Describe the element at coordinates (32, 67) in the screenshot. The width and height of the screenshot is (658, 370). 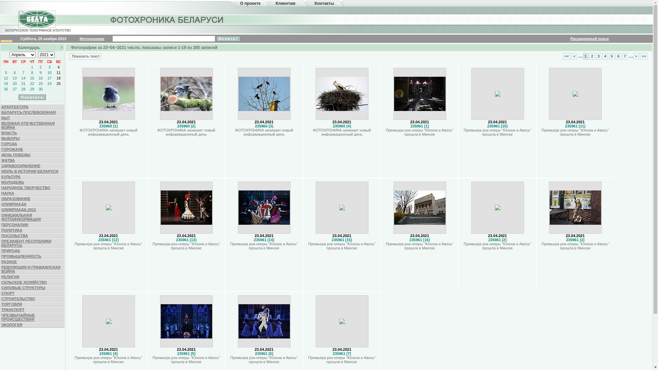
I see `'1'` at that location.